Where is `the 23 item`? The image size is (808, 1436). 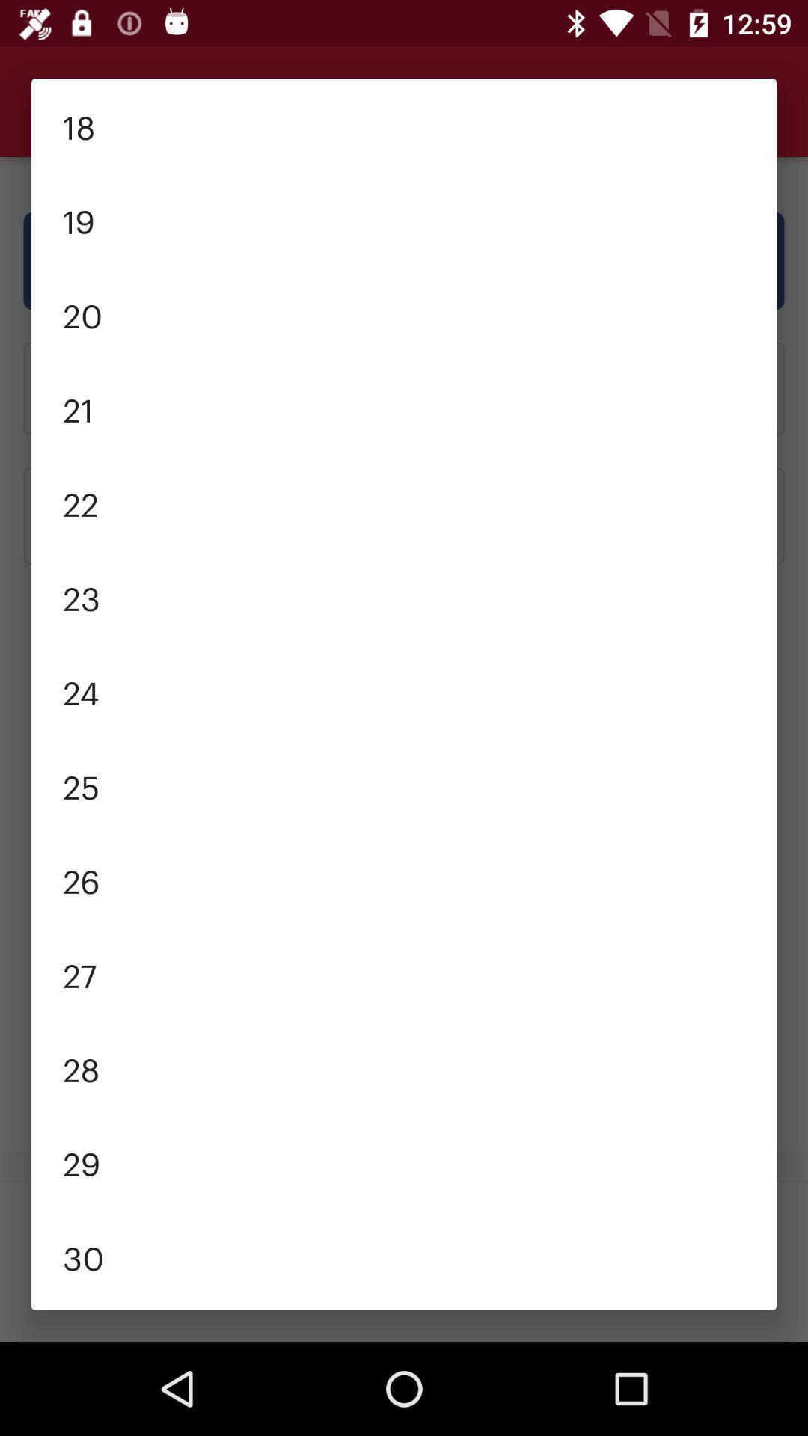 the 23 item is located at coordinates (404, 595).